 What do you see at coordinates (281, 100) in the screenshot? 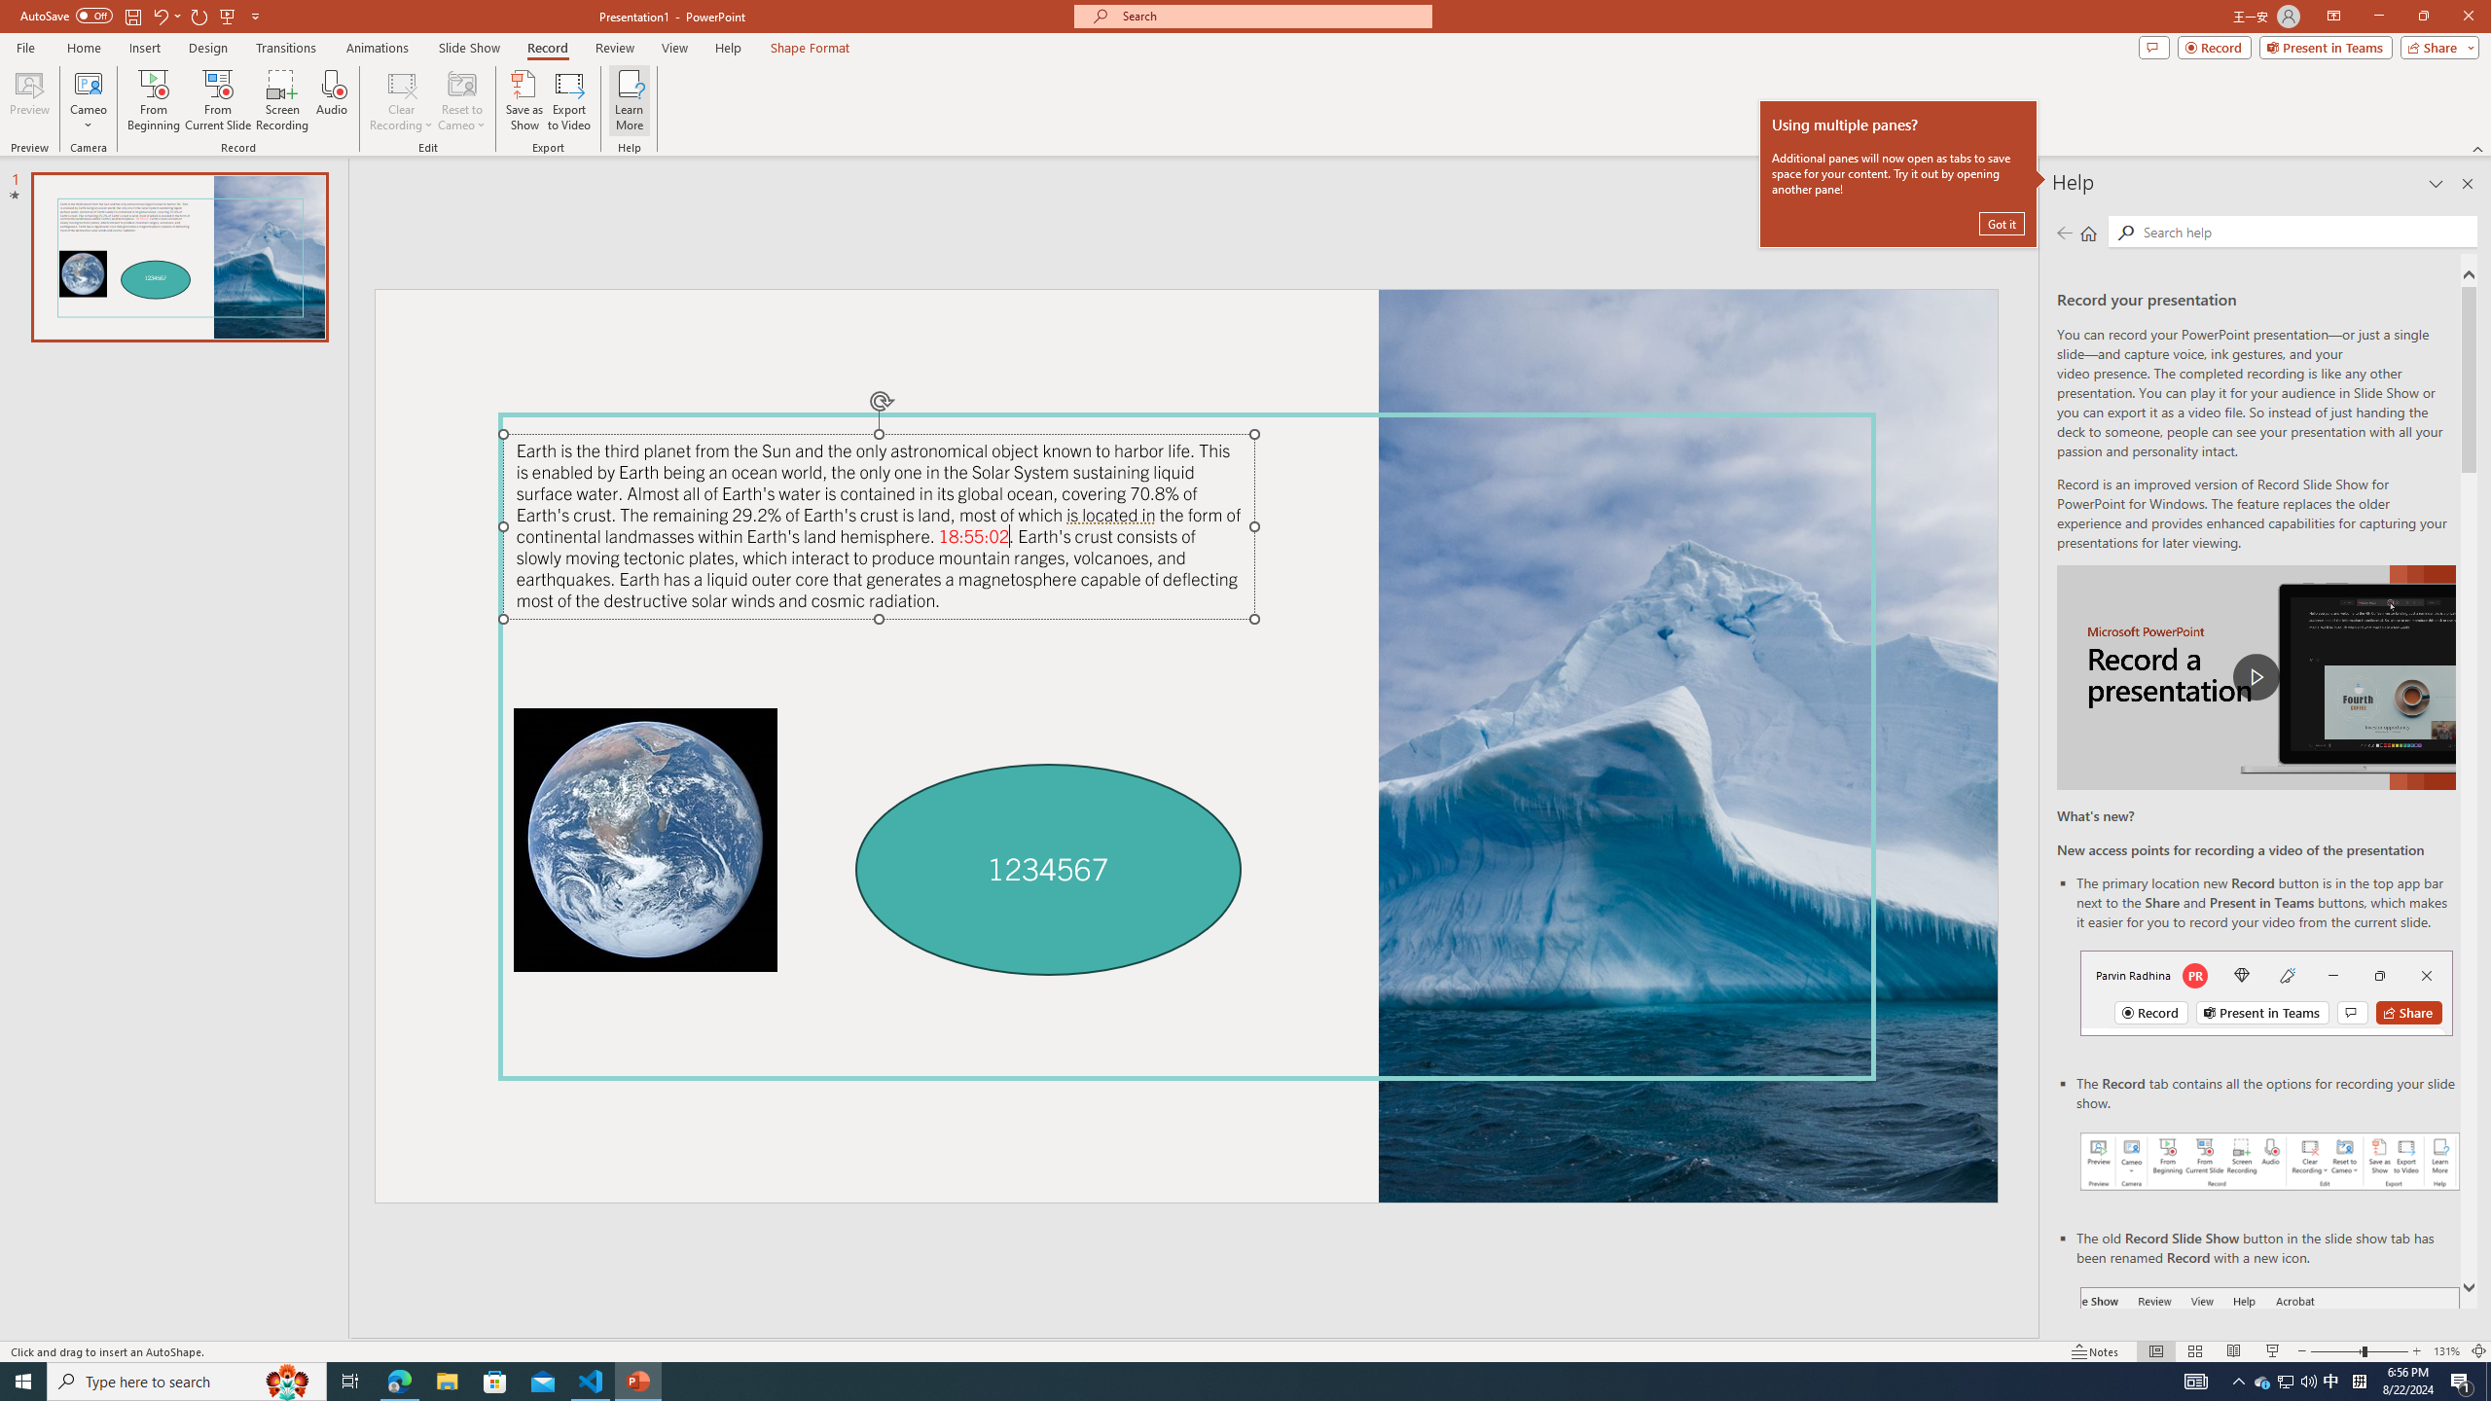
I see `'Screen Recording'` at bounding box center [281, 100].